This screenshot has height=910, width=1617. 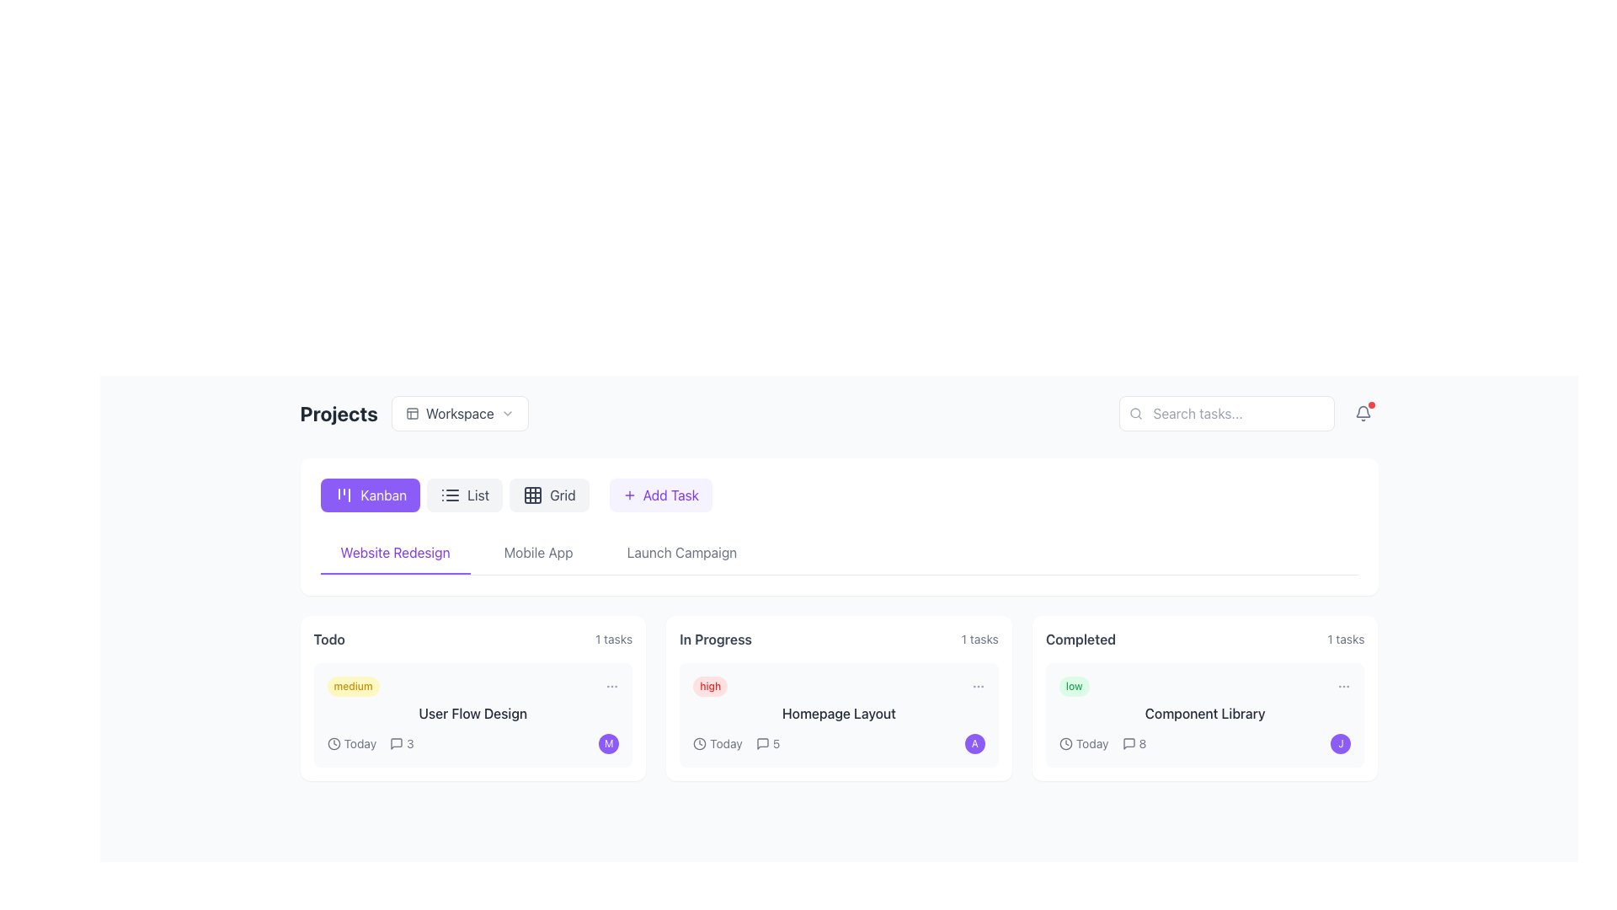 What do you see at coordinates (608, 743) in the screenshot?
I see `the circular badge or icon at the bottom of the 'Todo' column in the 'User Flow Design' task card, which represents a user or category associated with the task` at bounding box center [608, 743].